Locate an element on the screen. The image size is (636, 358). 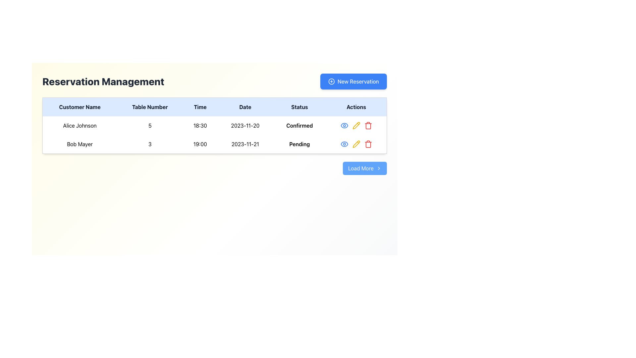
the 'Customer Name' text label, which is styled in bold black text on a light blue background and located in the leftmost column of the table header row is located at coordinates (79, 106).